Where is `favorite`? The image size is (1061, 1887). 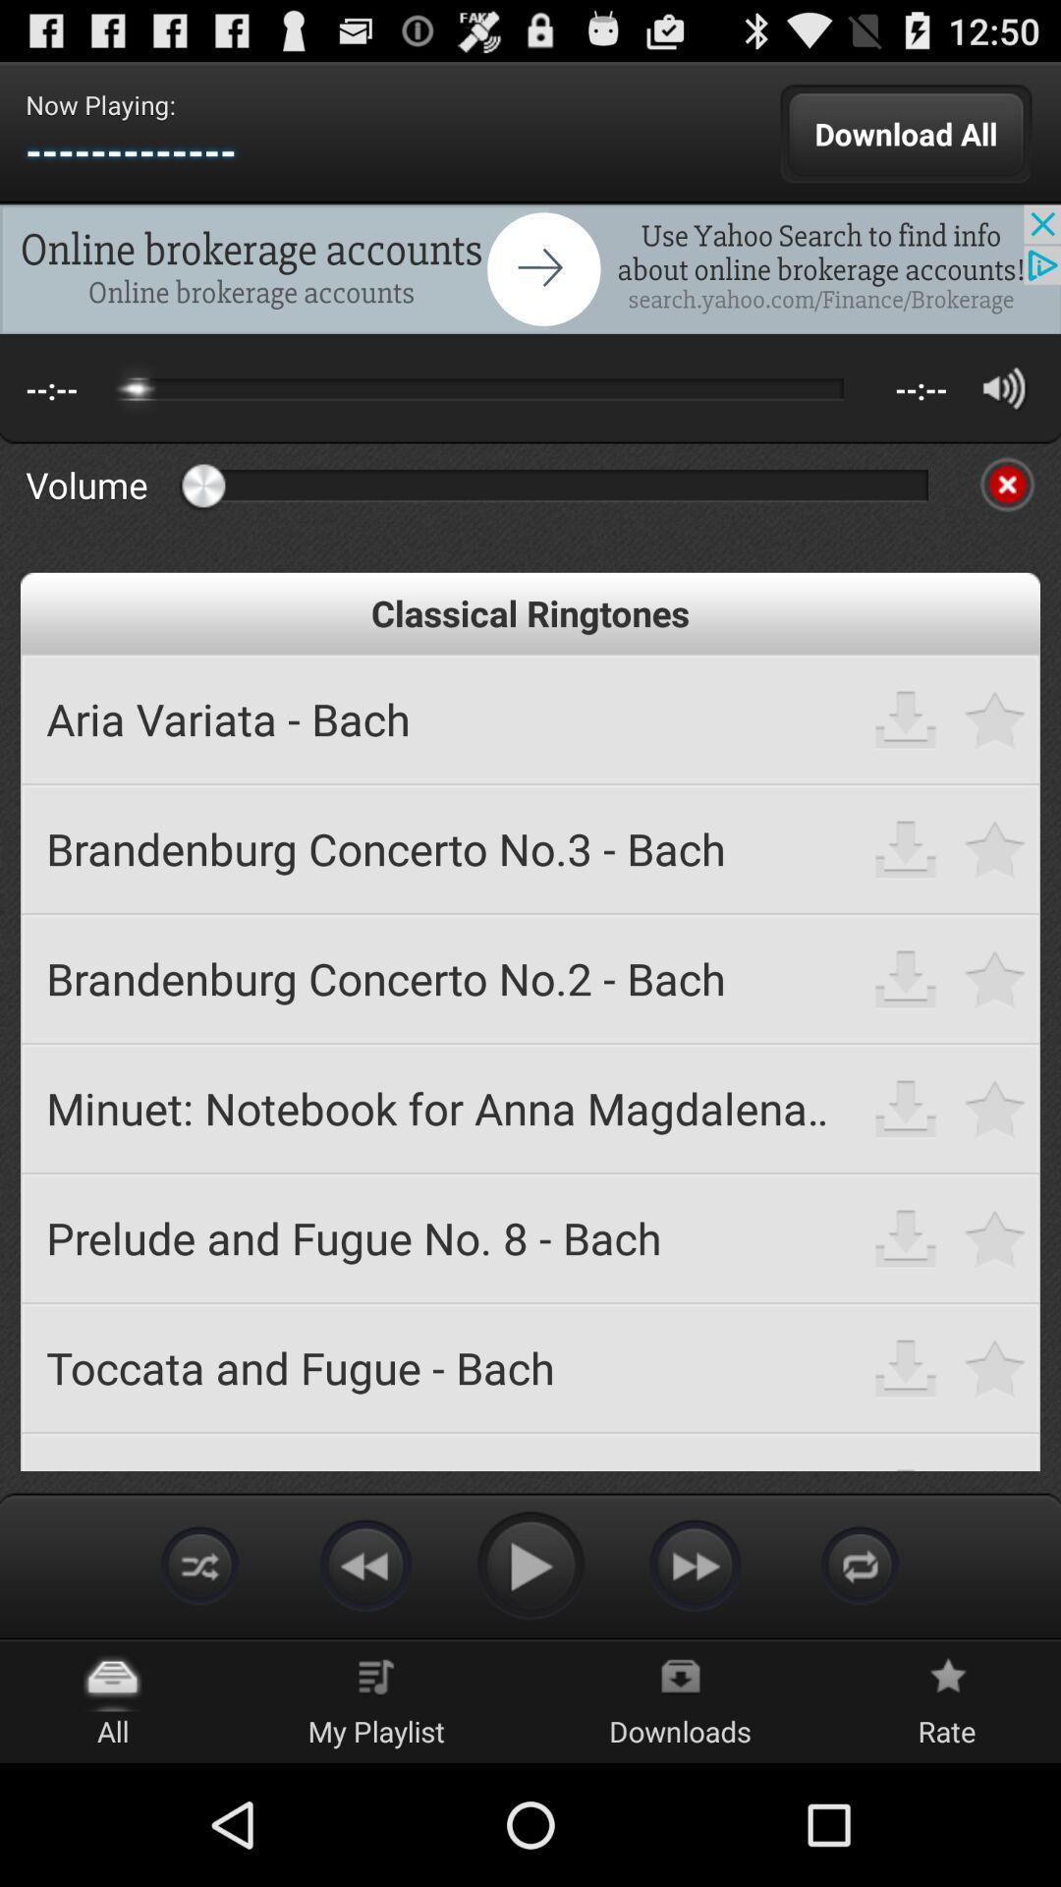 favorite is located at coordinates (995, 717).